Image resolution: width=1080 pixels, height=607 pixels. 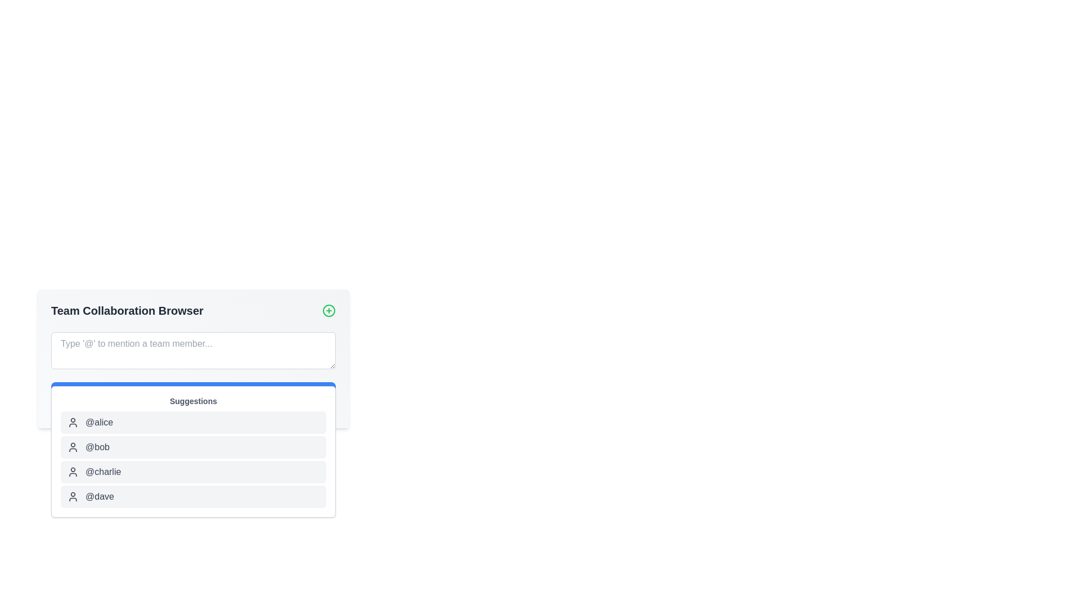 What do you see at coordinates (72, 446) in the screenshot?
I see `the user profile icon located at the leftmost side of the suggestion block for the entry '@bob', which consists of a circular head and a simple body outline in dark gray` at bounding box center [72, 446].